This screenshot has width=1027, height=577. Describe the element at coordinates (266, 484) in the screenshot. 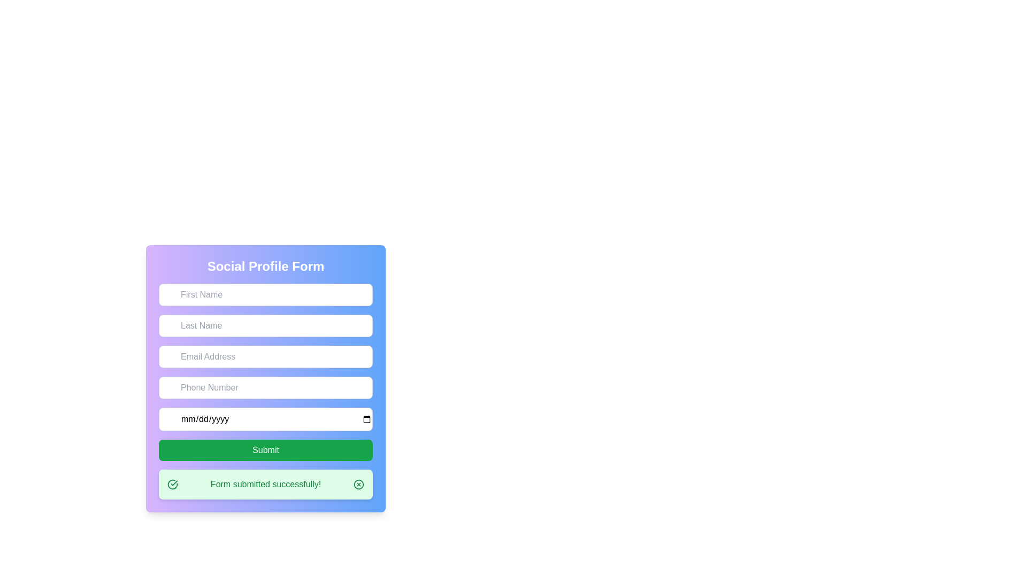

I see `the Notification banner that displays the message 'Form submitted successfully!' with a green background and interactive close icon` at that location.